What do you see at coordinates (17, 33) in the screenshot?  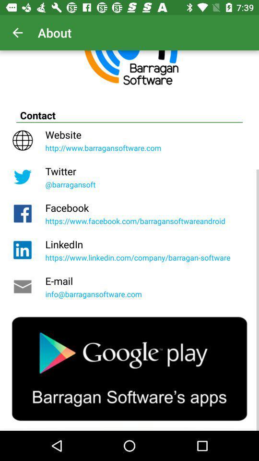 I see `app to the left of the about icon` at bounding box center [17, 33].